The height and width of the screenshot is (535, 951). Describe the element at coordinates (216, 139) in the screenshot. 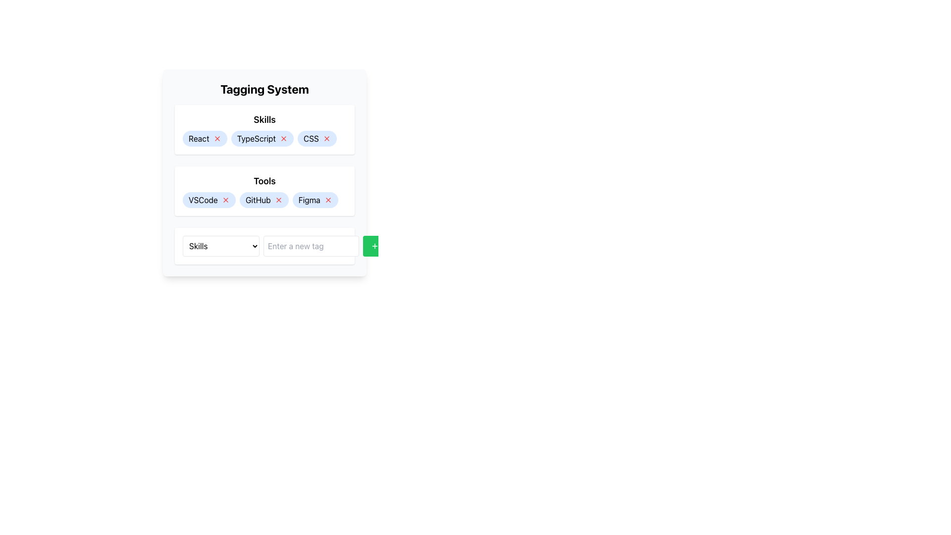

I see `the close button located to the right of the 'React' tag in the 'Skills' section` at that location.